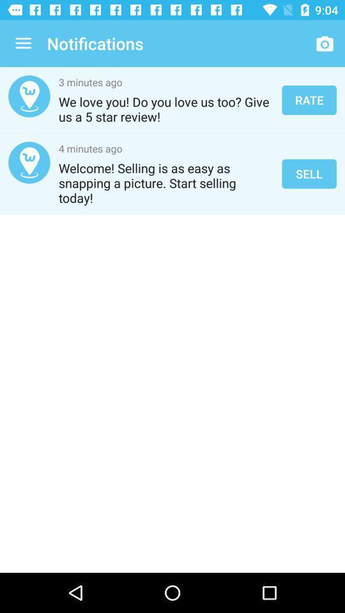 The width and height of the screenshot is (345, 613). Describe the element at coordinates (309, 99) in the screenshot. I see `the icon to the right of 3 minutes ago item` at that location.